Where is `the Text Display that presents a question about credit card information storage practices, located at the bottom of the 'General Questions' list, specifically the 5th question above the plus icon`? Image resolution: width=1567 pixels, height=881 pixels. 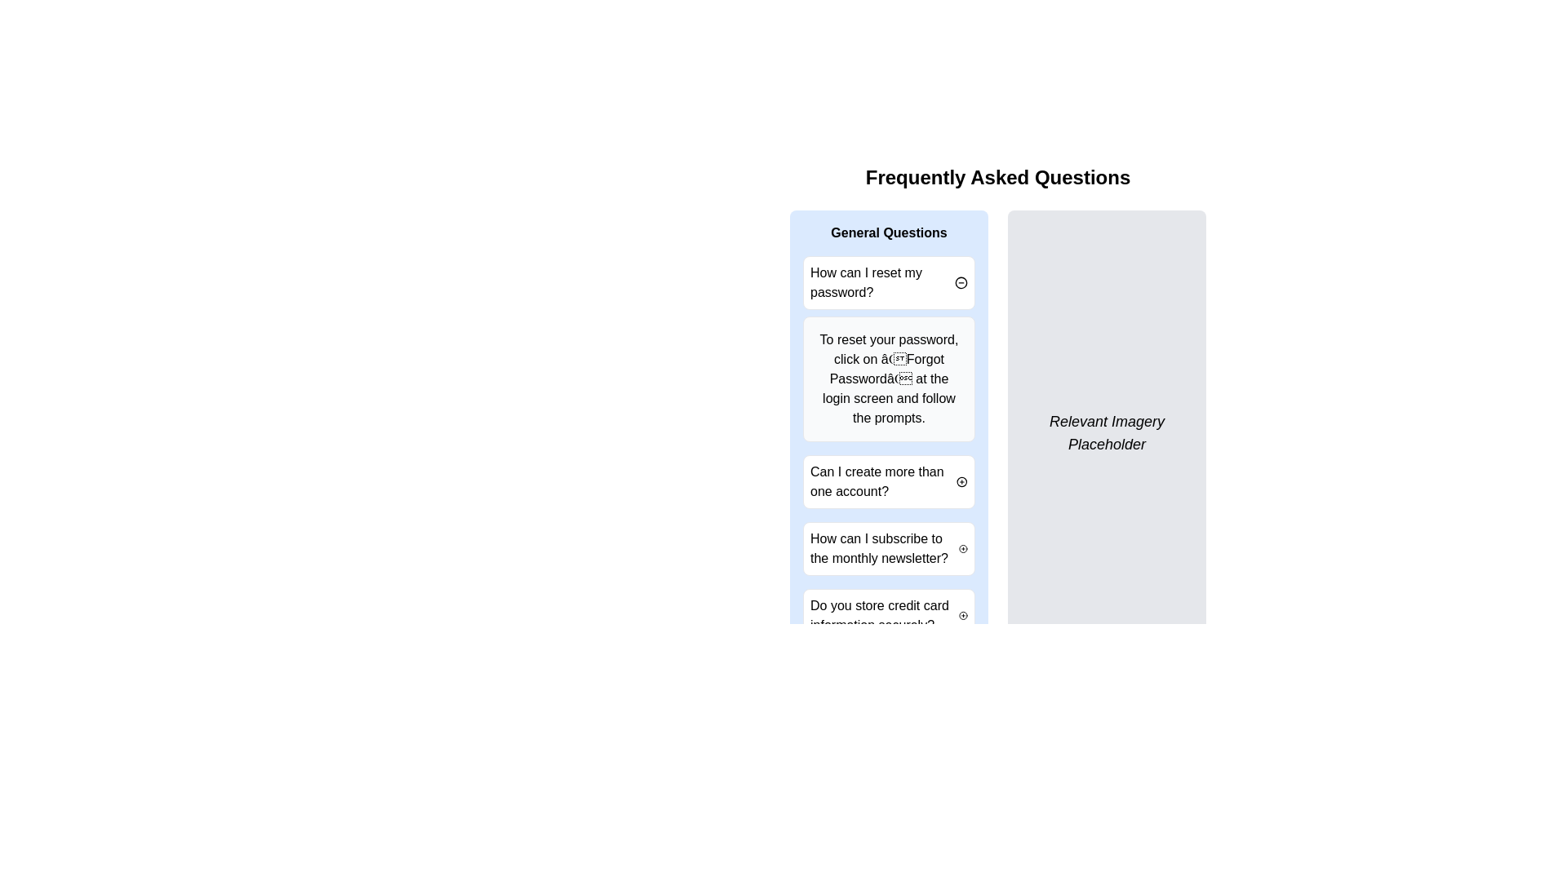
the Text Display that presents a question about credit card information storage practices, located at the bottom of the 'General Questions' list, specifically the 5th question above the plus icon is located at coordinates (883, 616).